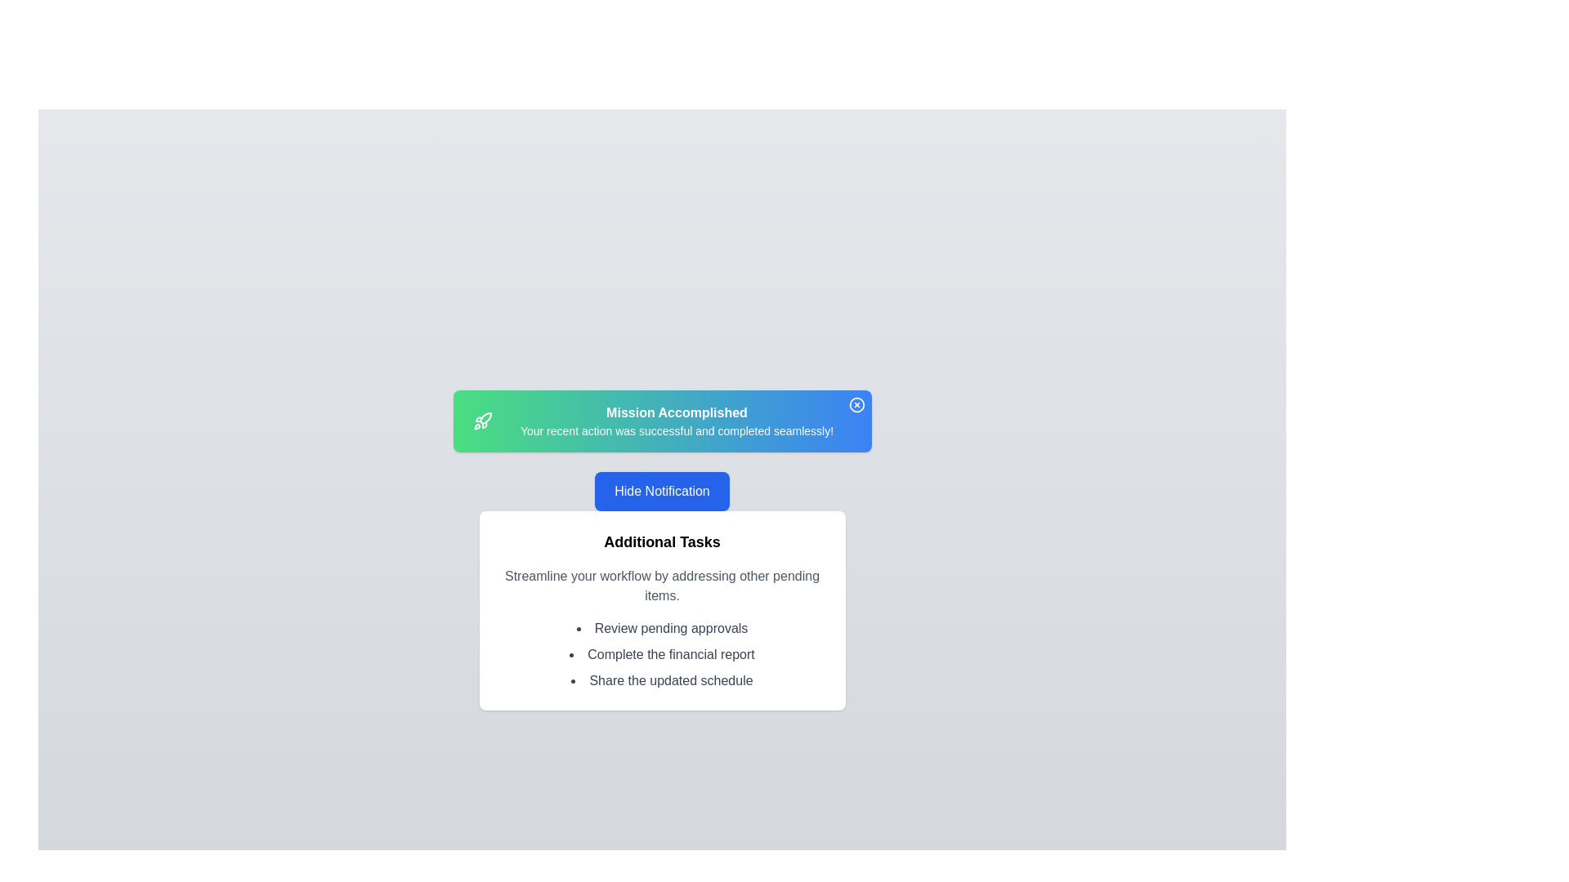 The image size is (1569, 882). What do you see at coordinates (662, 680) in the screenshot?
I see `the list item 'Share the updated schedule' in the 'Additional Tasks' section` at bounding box center [662, 680].